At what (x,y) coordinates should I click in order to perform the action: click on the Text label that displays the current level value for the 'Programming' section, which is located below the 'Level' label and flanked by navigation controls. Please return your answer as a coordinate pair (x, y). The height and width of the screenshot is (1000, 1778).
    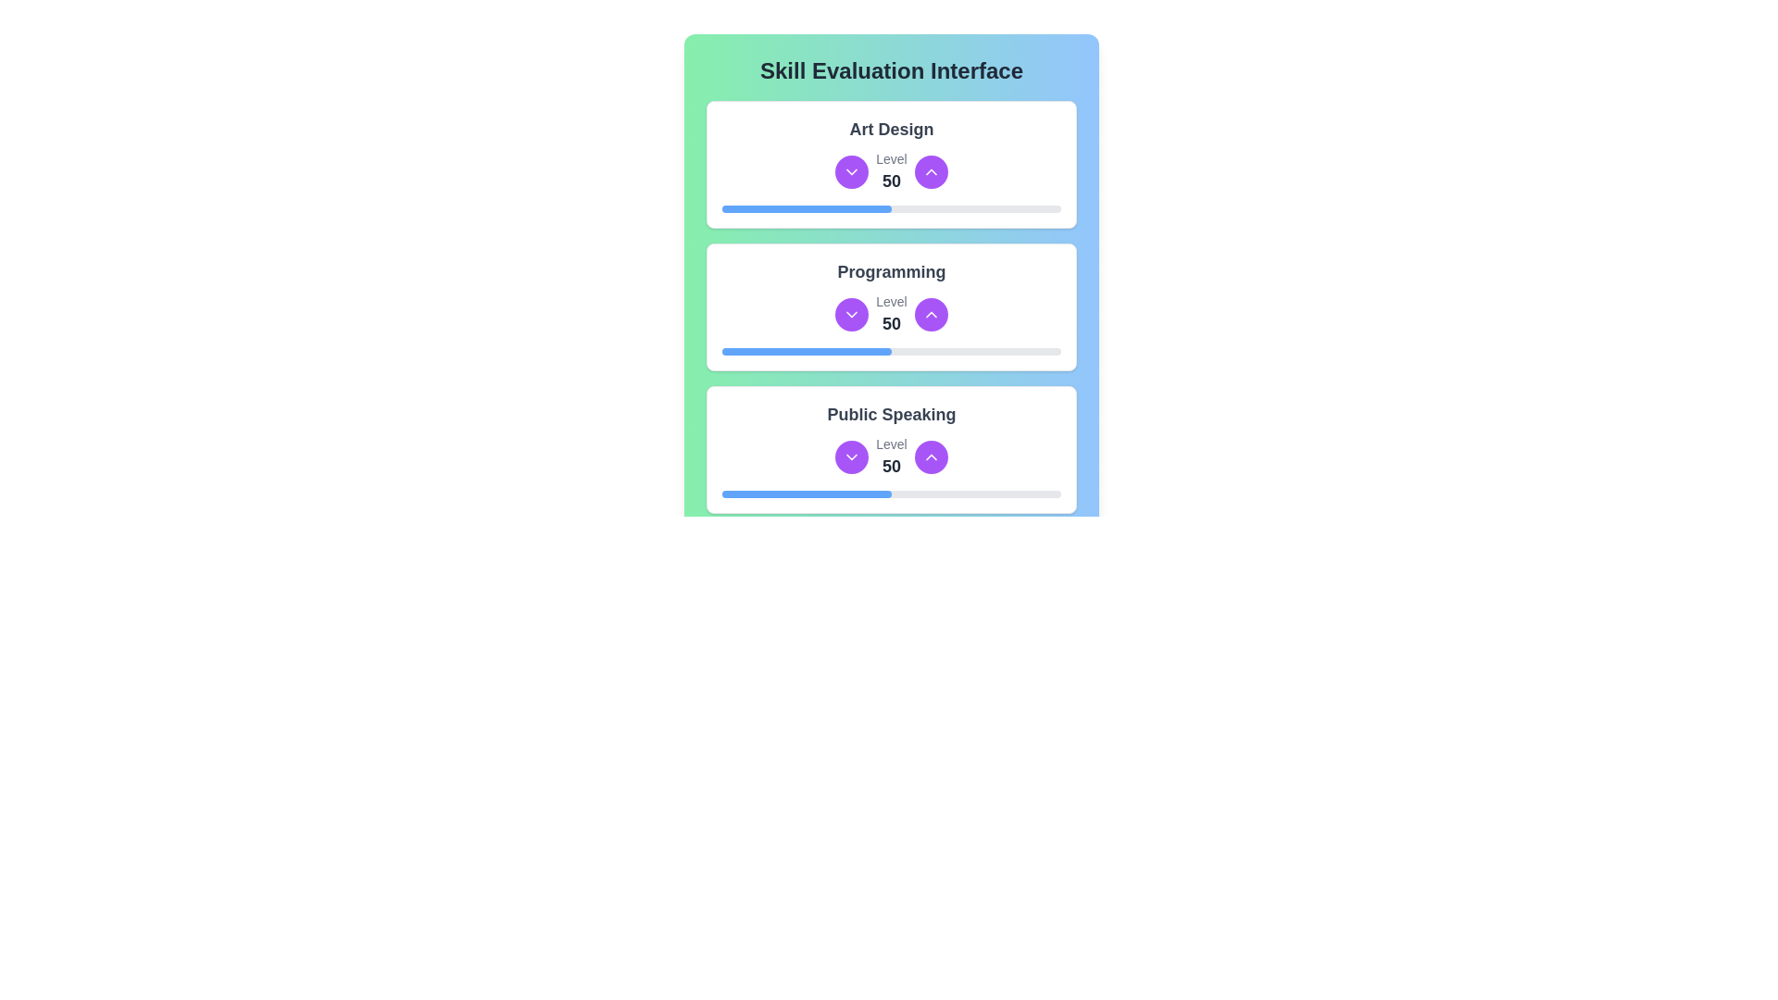
    Looking at the image, I should click on (892, 323).